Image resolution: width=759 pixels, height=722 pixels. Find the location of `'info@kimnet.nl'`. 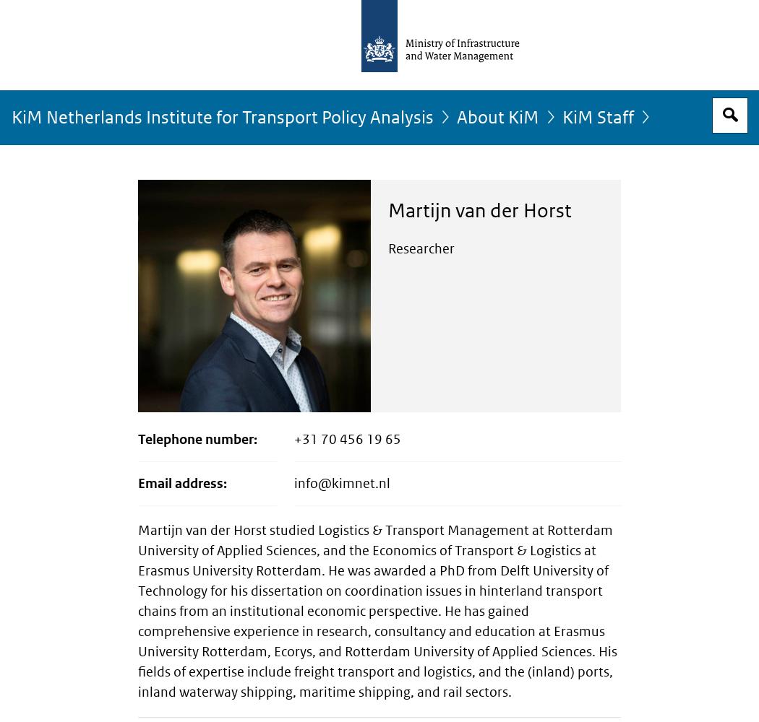

'info@kimnet.nl' is located at coordinates (342, 483).